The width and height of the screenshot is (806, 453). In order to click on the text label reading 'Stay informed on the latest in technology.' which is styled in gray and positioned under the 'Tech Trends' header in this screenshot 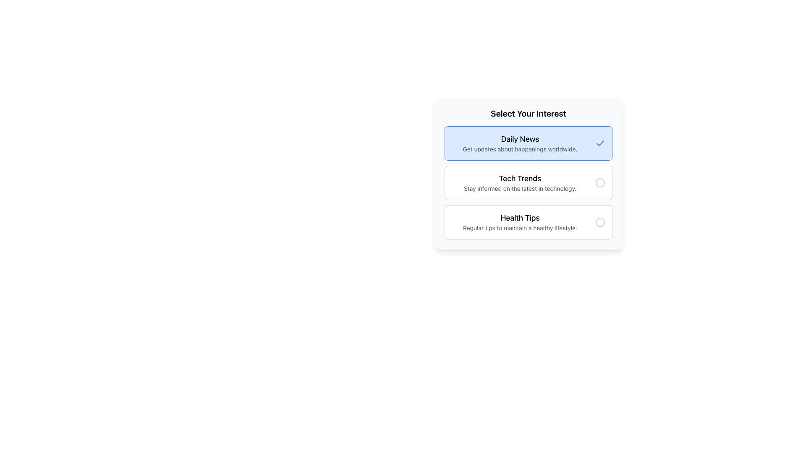, I will do `click(519, 189)`.